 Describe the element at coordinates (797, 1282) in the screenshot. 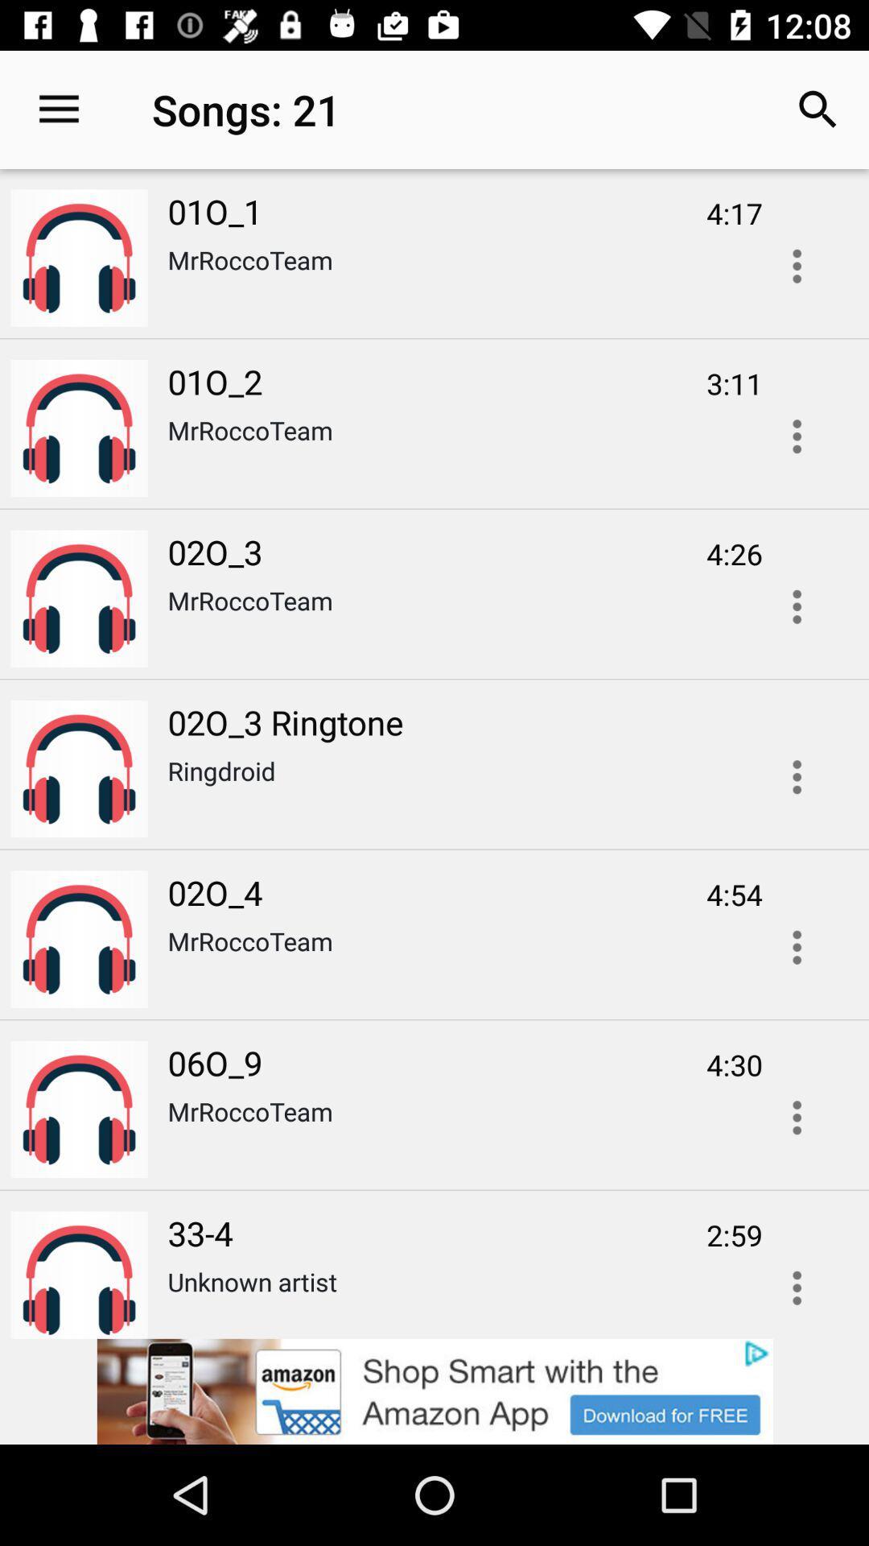

I see `drop down menu` at that location.